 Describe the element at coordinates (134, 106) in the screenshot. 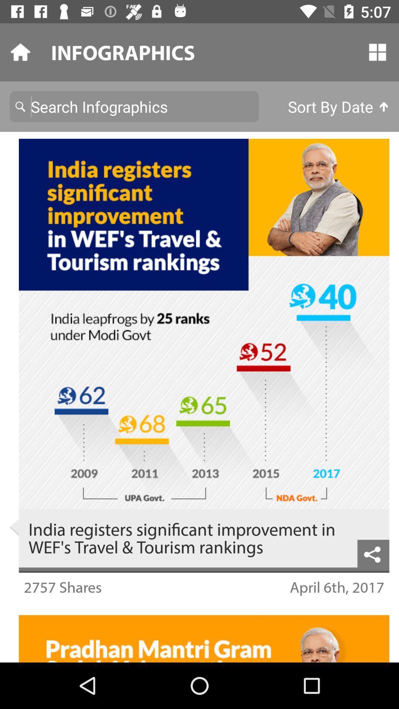

I see `a search bar` at that location.